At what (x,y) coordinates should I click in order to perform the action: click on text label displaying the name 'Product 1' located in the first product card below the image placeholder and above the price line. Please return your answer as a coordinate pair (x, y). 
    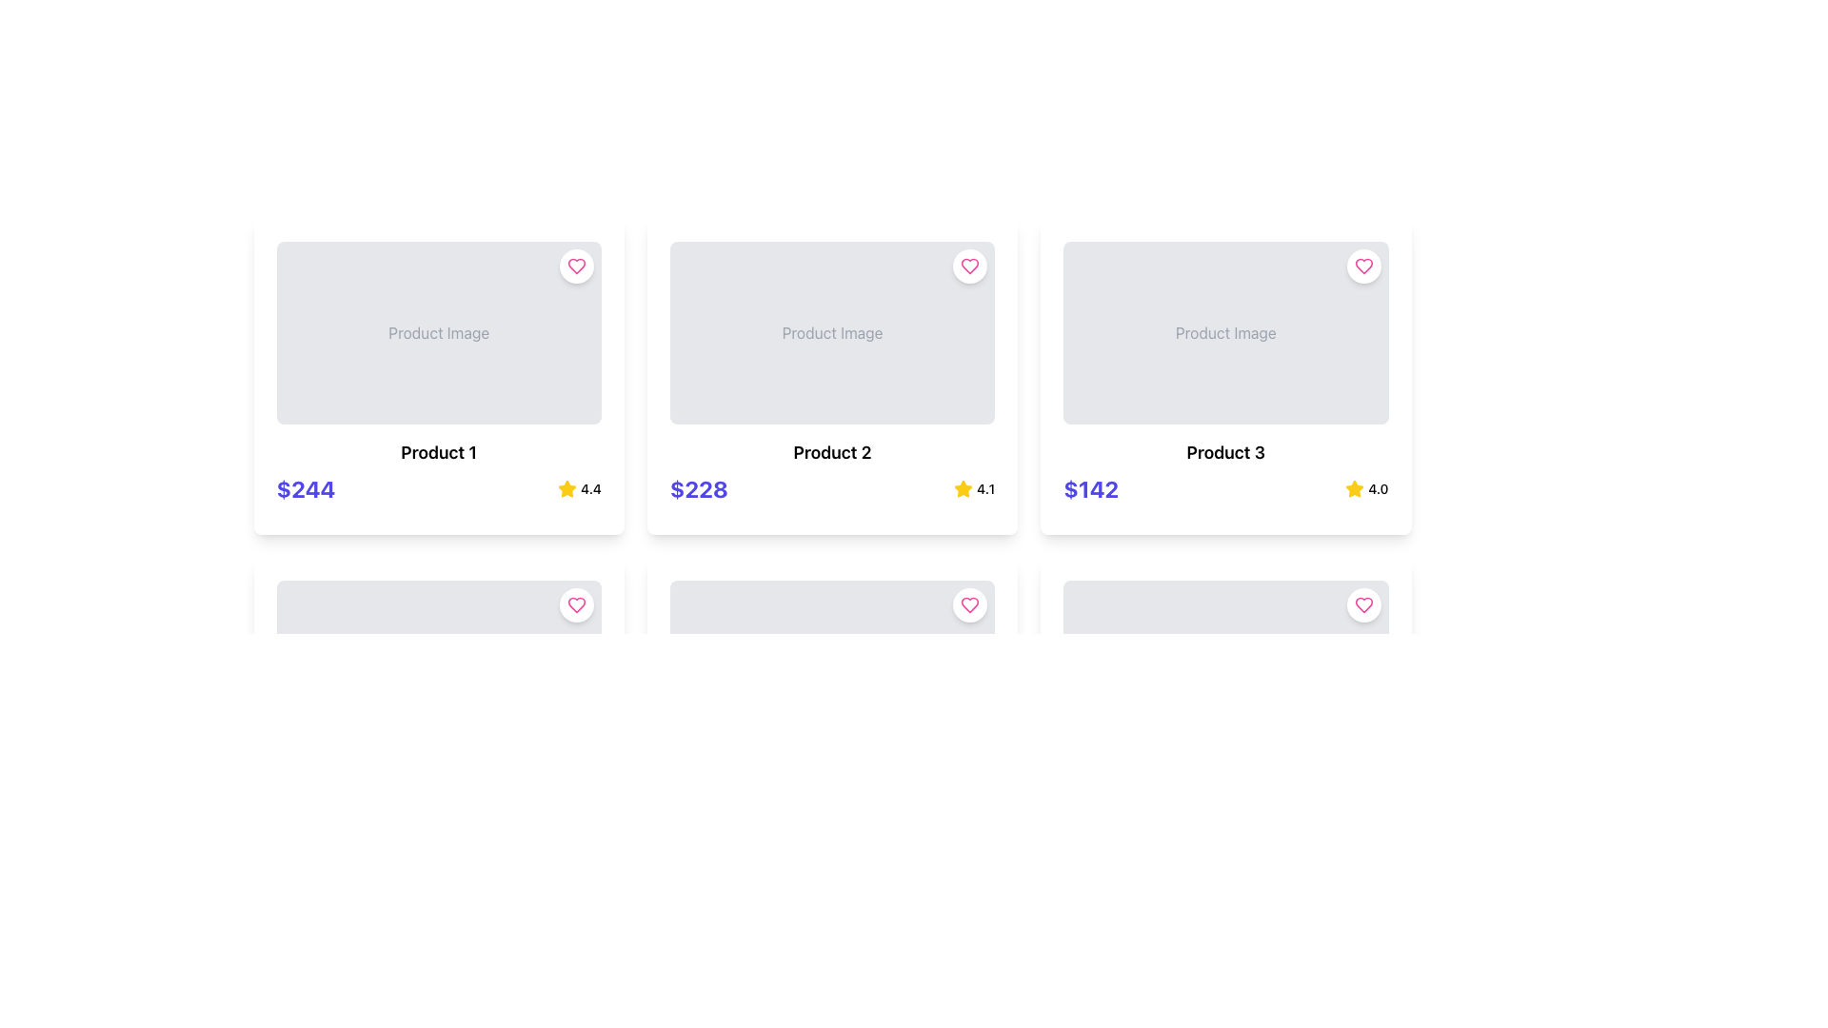
    Looking at the image, I should click on (438, 452).